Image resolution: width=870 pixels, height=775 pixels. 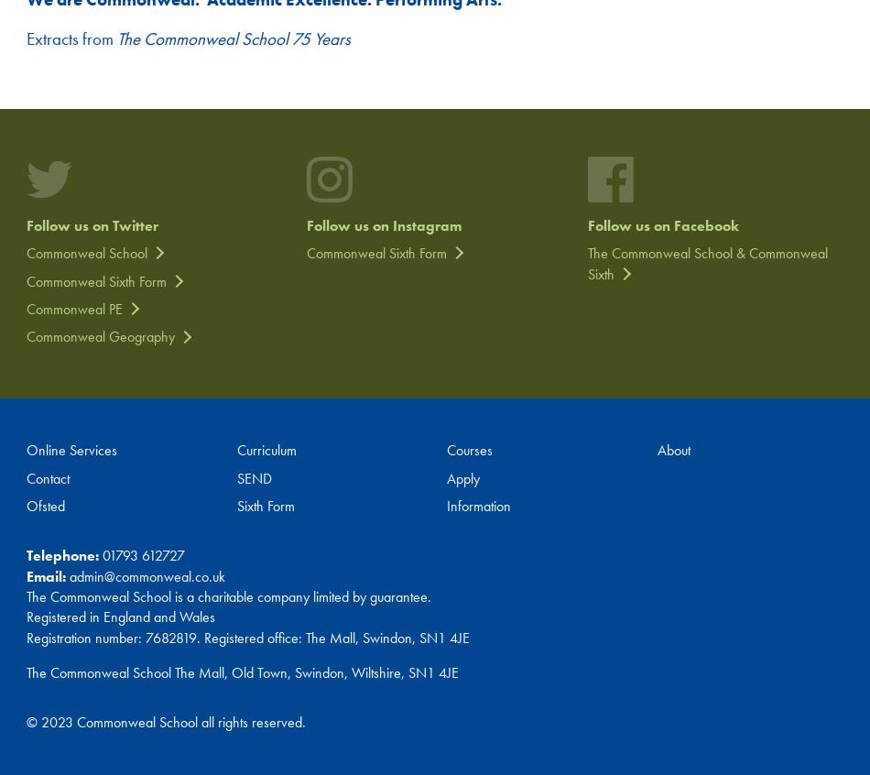 I want to click on 'Follow us on Twitter', so click(x=92, y=224).